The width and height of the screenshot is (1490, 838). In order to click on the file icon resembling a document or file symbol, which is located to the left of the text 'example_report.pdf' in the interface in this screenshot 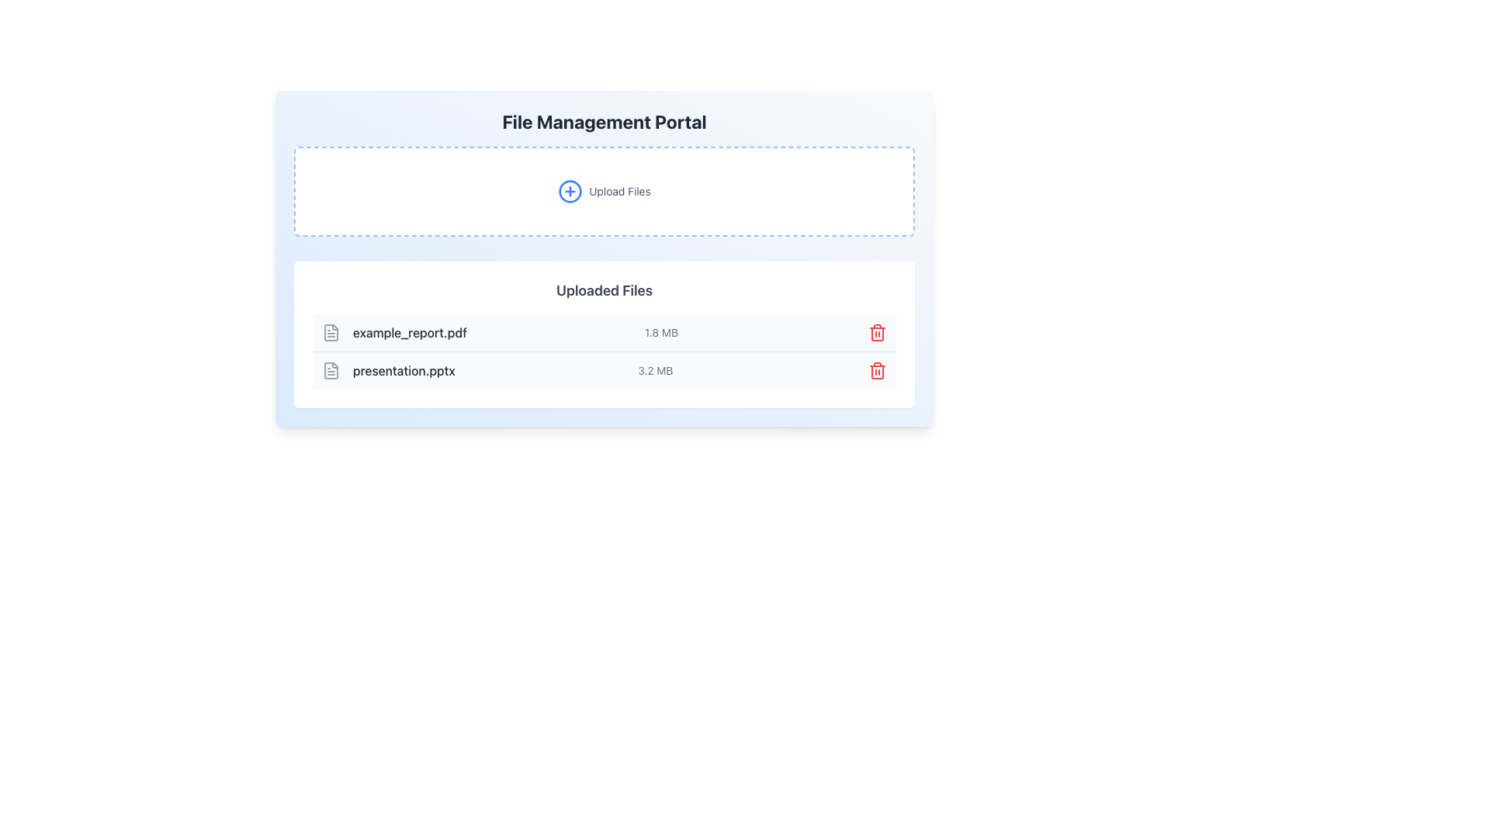, I will do `click(331, 371)`.